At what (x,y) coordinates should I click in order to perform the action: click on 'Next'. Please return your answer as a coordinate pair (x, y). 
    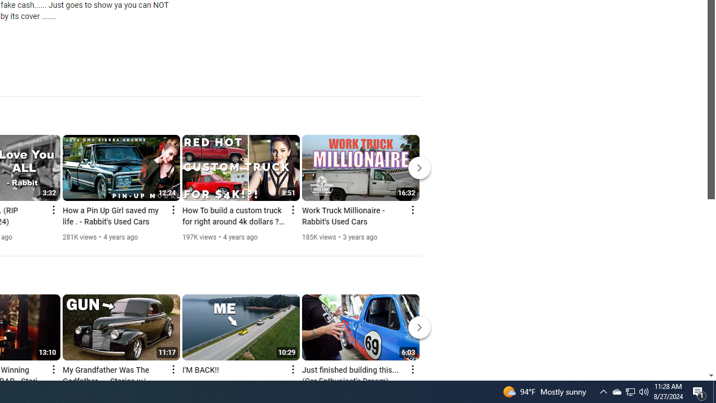
    Looking at the image, I should click on (419, 327).